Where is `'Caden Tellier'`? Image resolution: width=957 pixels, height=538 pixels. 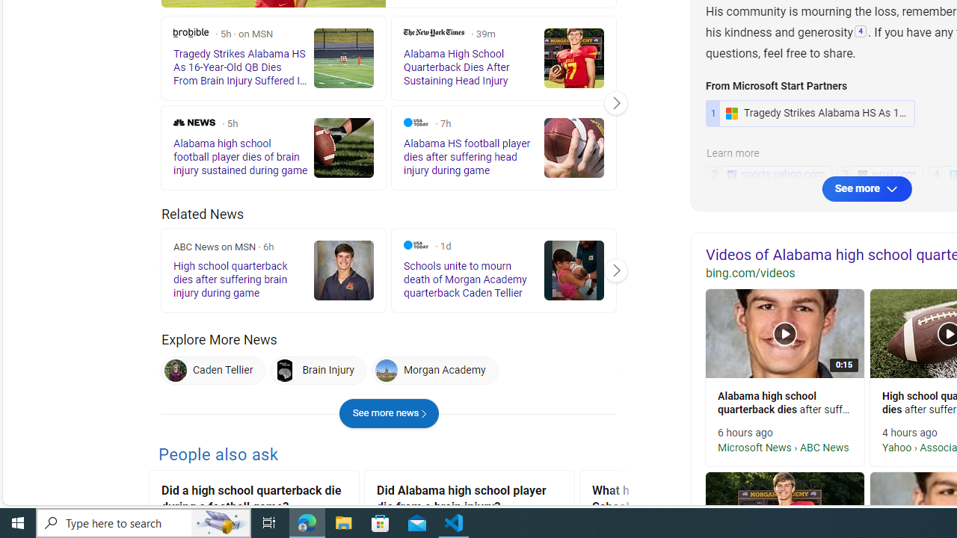
'Caden Tellier' is located at coordinates (212, 370).